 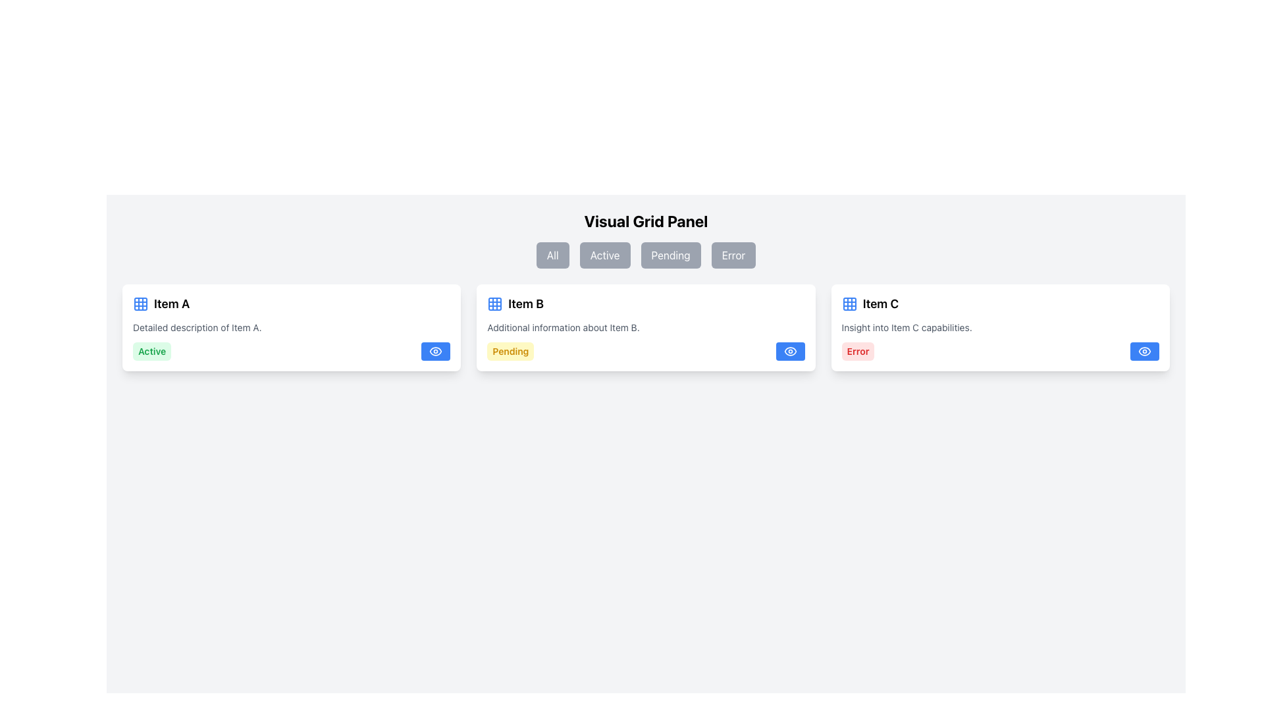 I want to click on the rectangular button with rounded corners labeled 'All', so click(x=552, y=255).